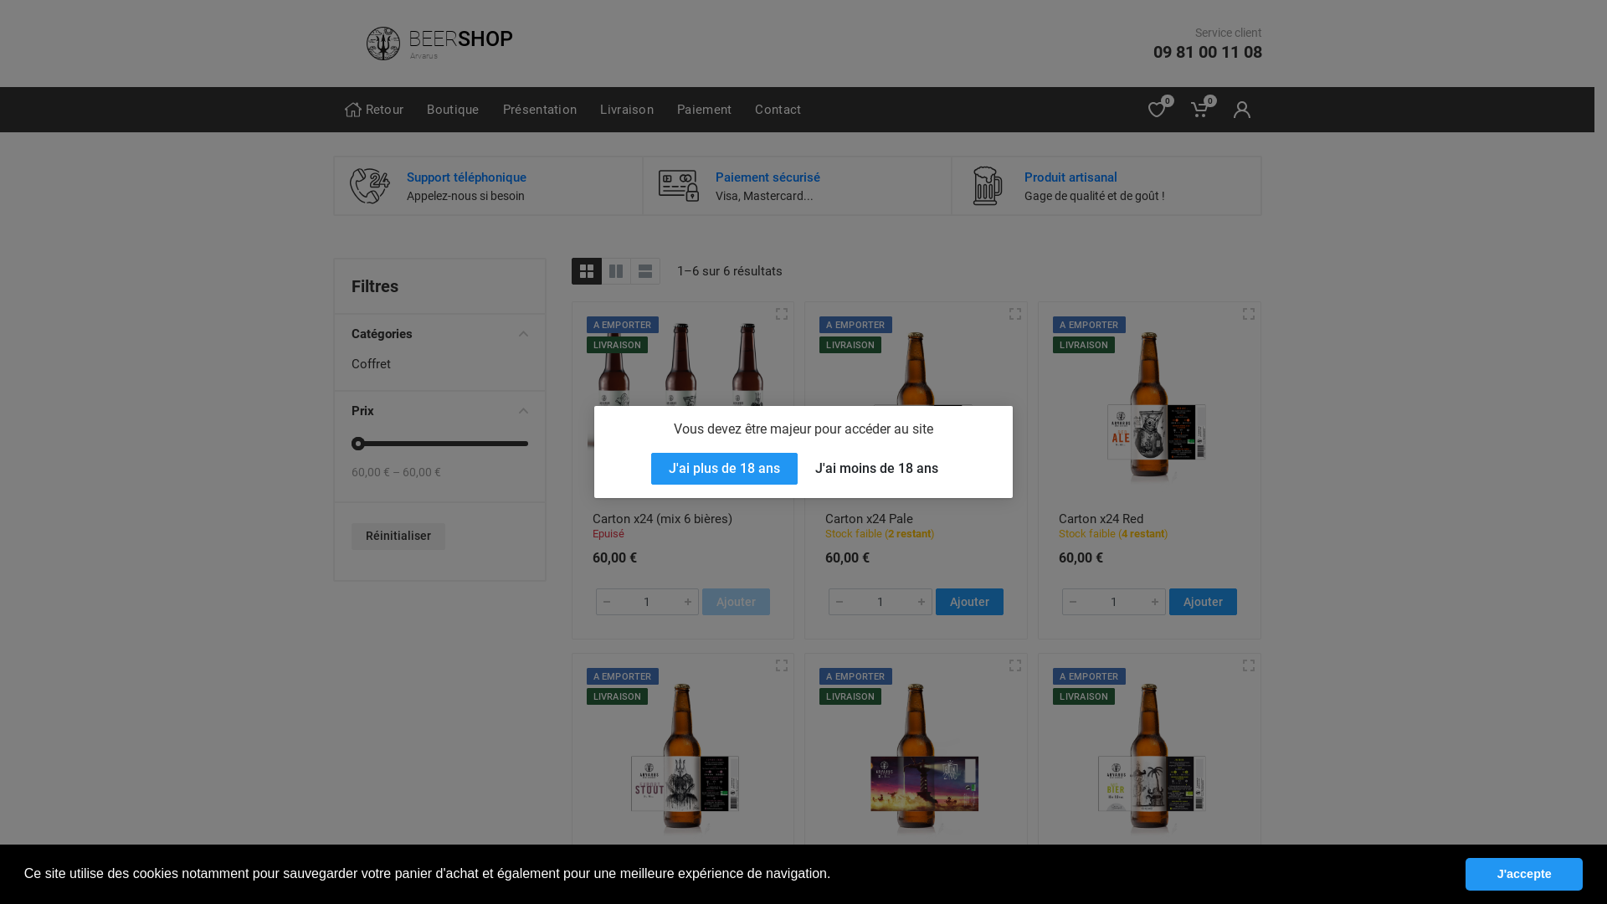 This screenshot has height=904, width=1607. Describe the element at coordinates (570, 270) in the screenshot. I see `'Grille'` at that location.